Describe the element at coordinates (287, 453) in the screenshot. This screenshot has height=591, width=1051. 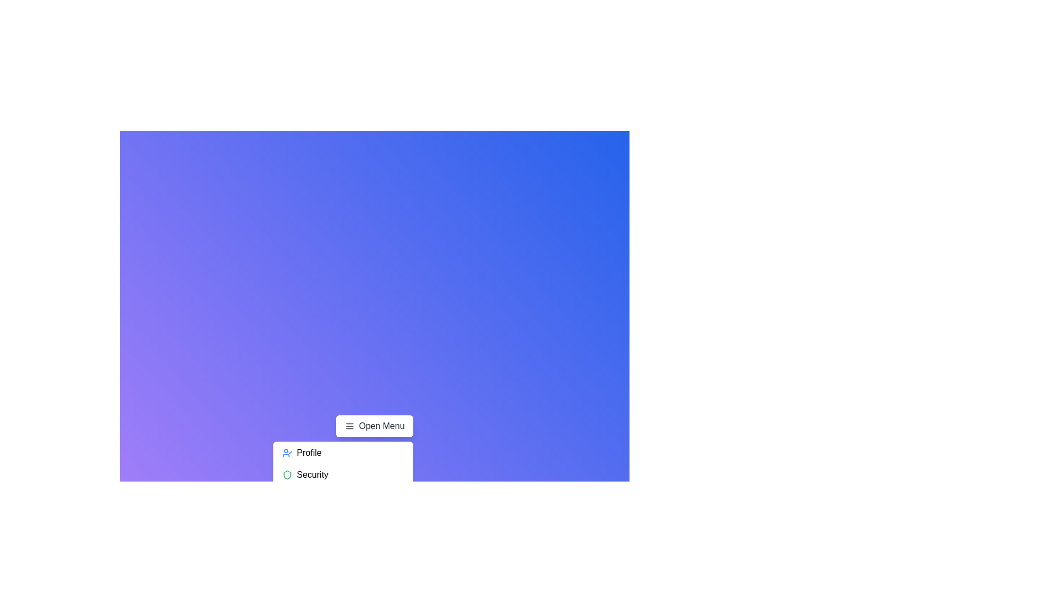
I see `the icon next to the menu item labeled Profile` at that location.